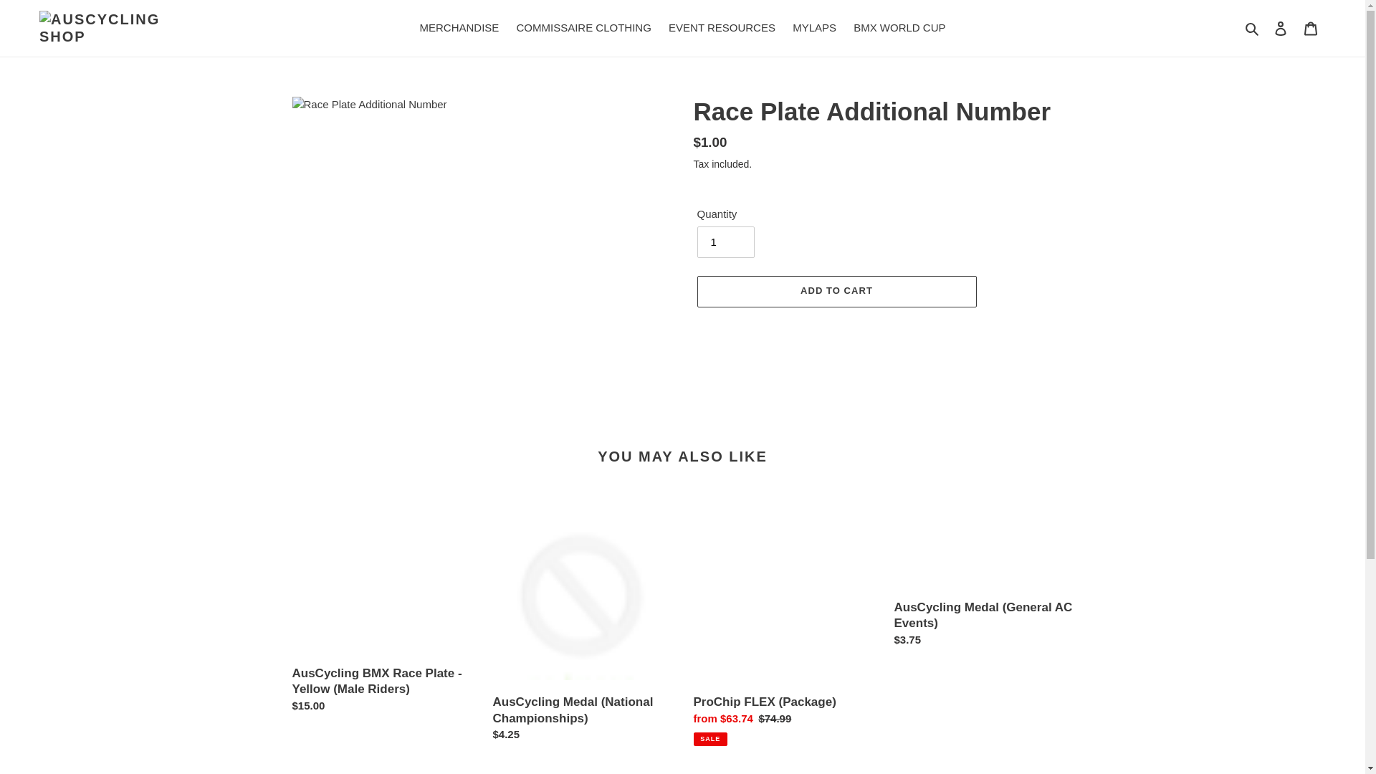 This screenshot has height=774, width=1376. What do you see at coordinates (1310, 28) in the screenshot?
I see `'Cart'` at bounding box center [1310, 28].